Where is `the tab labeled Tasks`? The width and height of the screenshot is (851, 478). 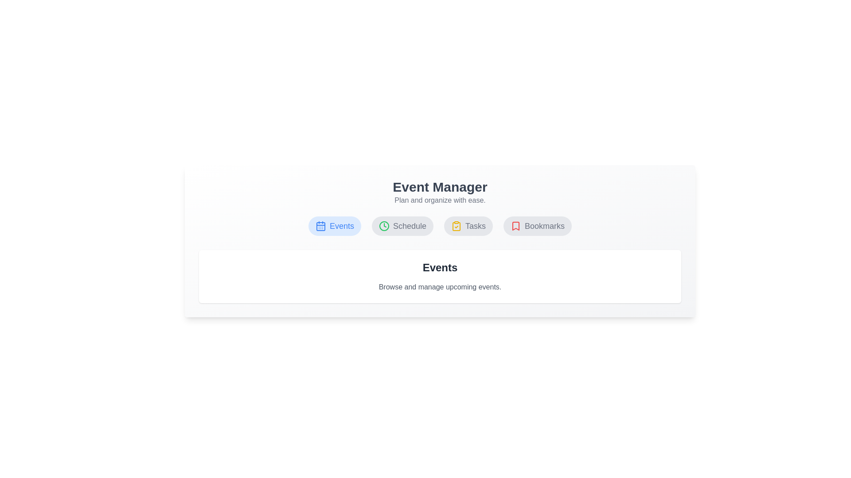 the tab labeled Tasks is located at coordinates (468, 225).